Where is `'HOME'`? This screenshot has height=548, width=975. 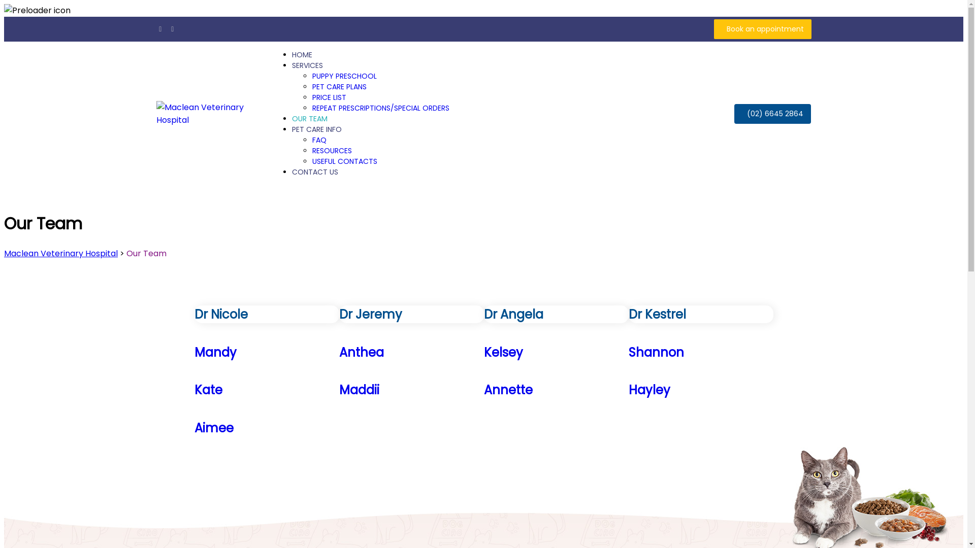 'HOME' is located at coordinates (302, 55).